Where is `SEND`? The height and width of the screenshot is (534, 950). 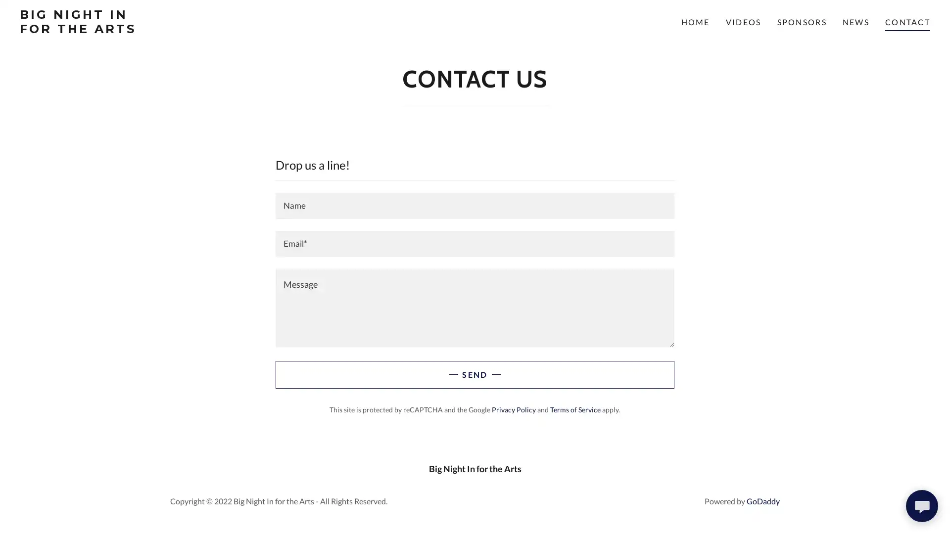
SEND is located at coordinates (474, 375).